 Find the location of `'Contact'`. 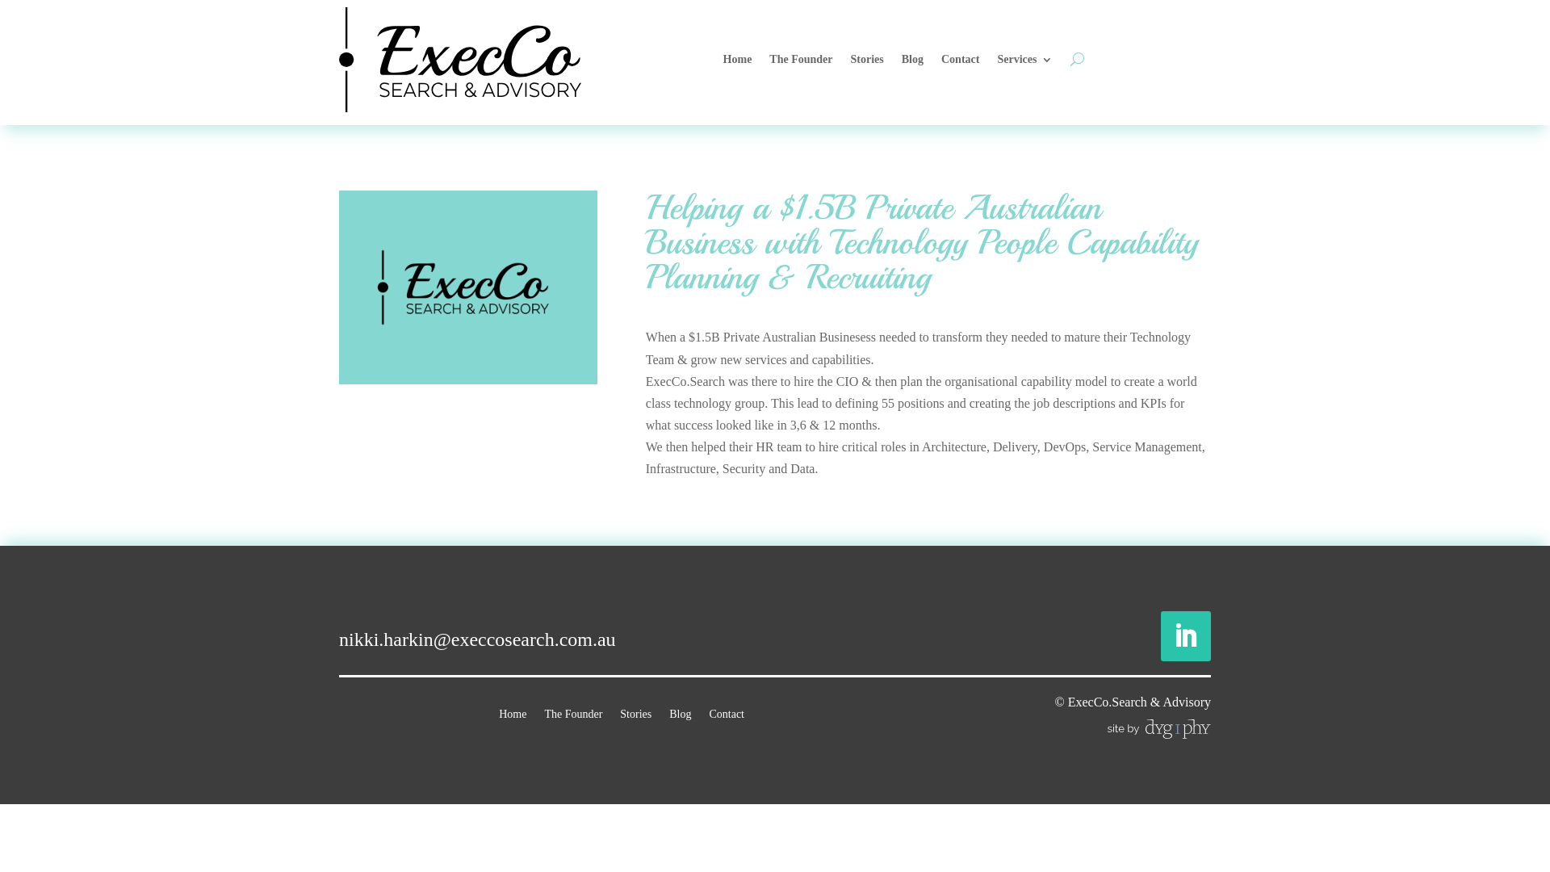

'Contact' is located at coordinates (941, 58).